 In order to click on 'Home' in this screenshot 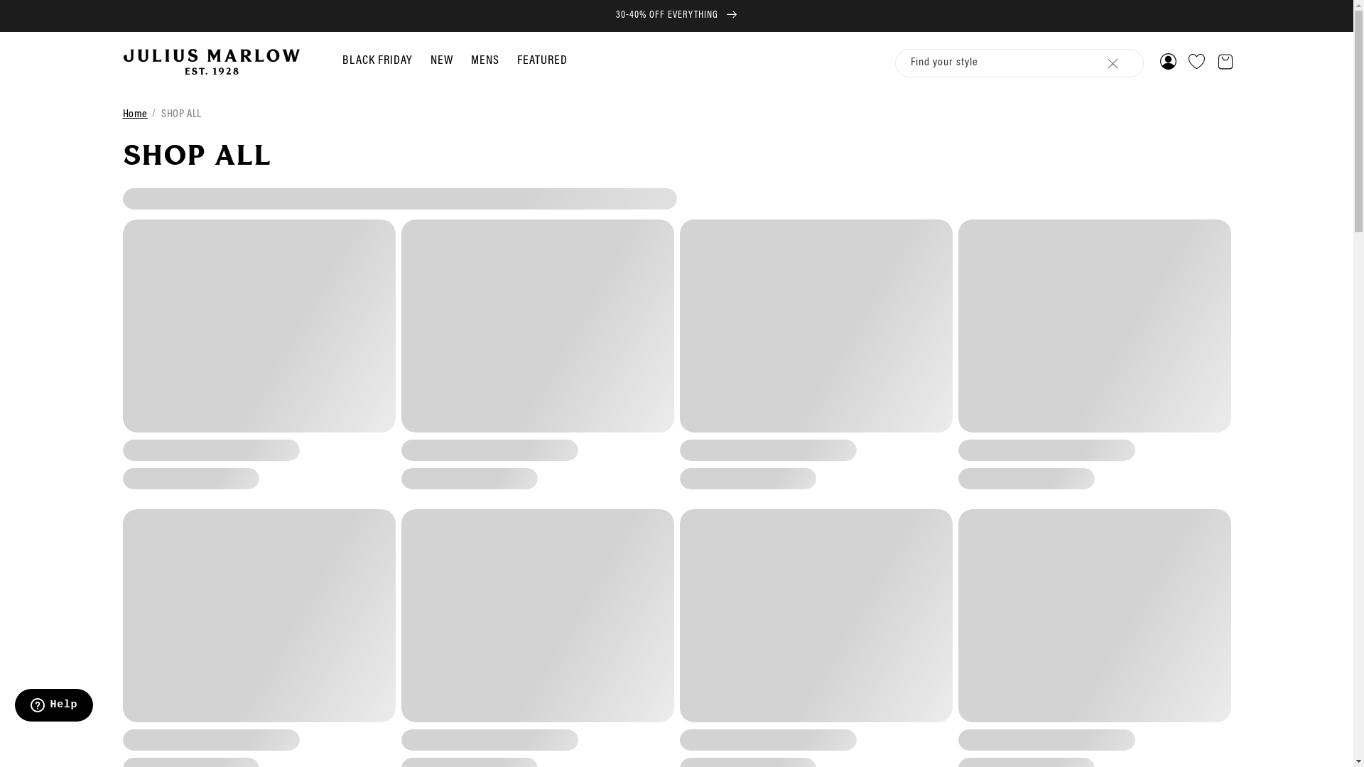, I will do `click(134, 114)`.